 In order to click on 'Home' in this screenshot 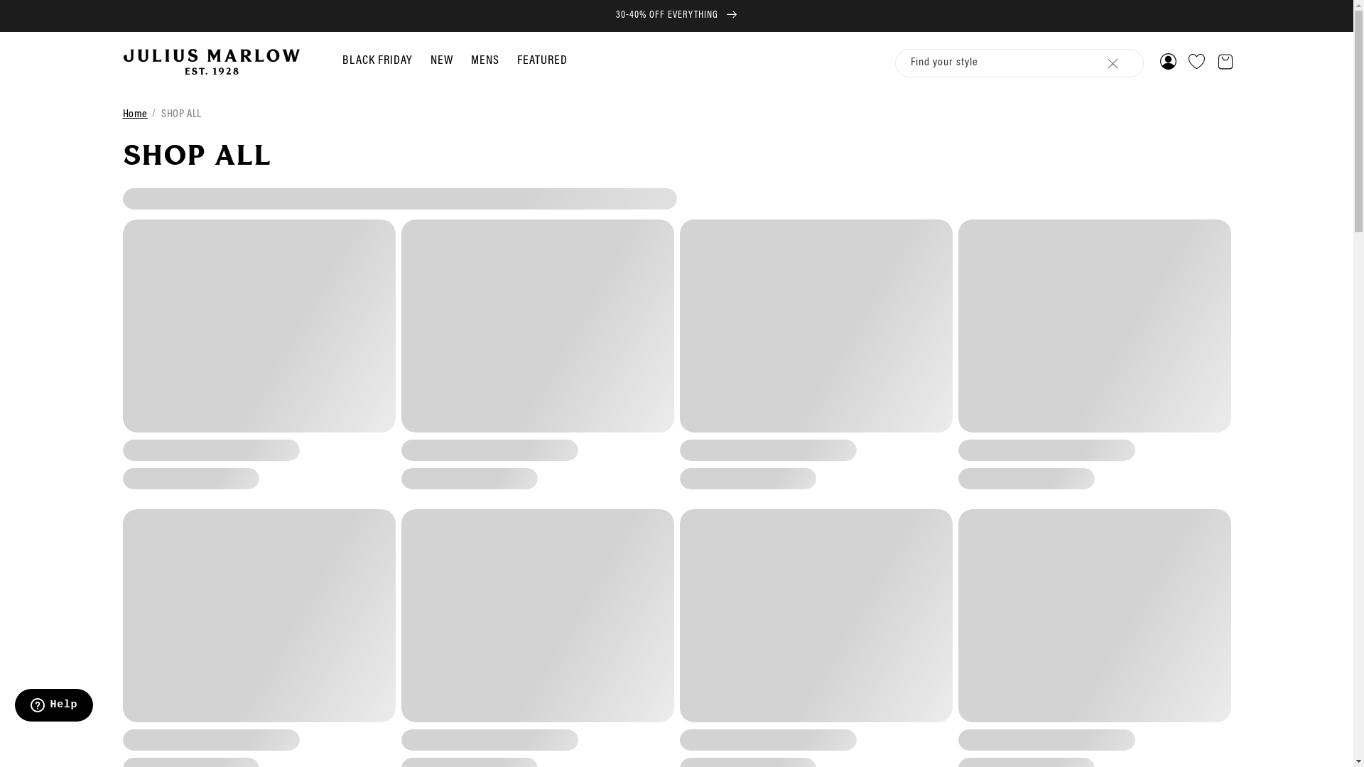, I will do `click(134, 114)`.